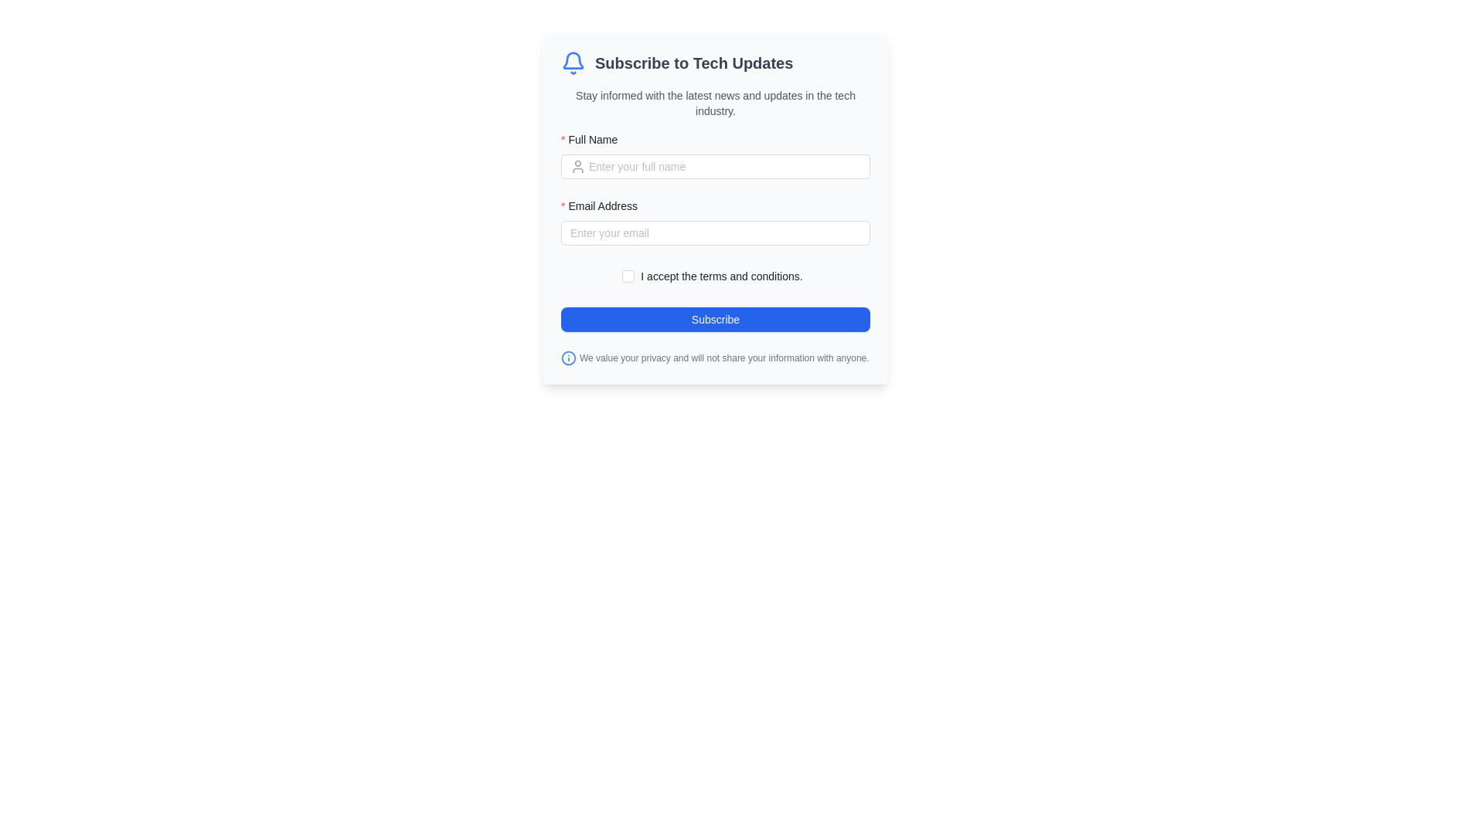 The height and width of the screenshot is (834, 1484). I want to click on the blue bell icon located on the leftmost side of the text 'Subscribe to Tech Updates.', so click(573, 62).